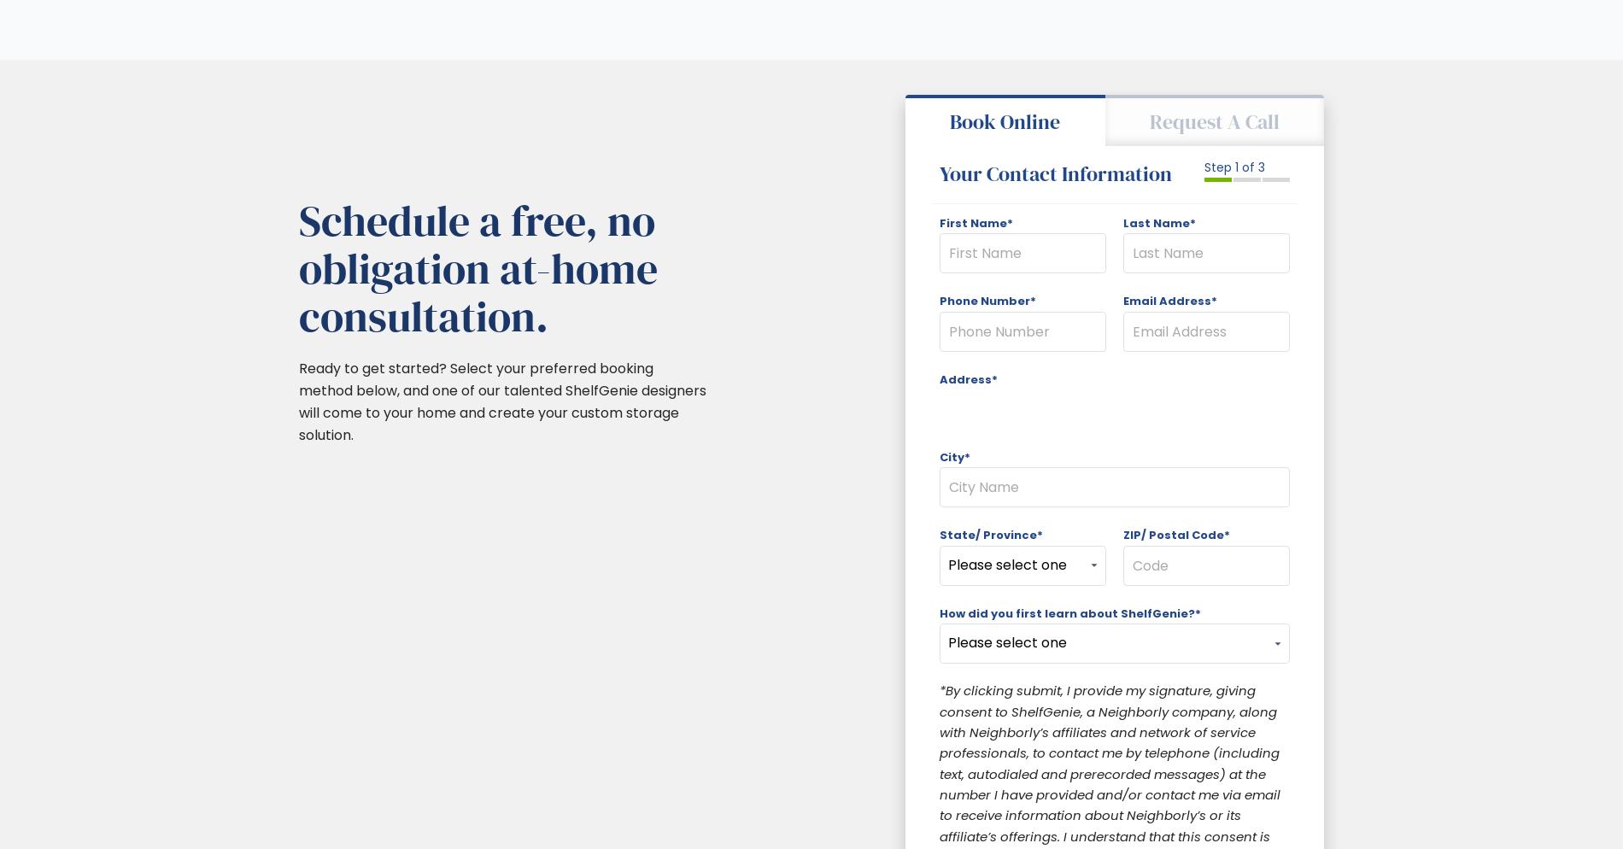 The width and height of the screenshot is (1623, 849). What do you see at coordinates (1251, 167) in the screenshot?
I see `'of 3'` at bounding box center [1251, 167].